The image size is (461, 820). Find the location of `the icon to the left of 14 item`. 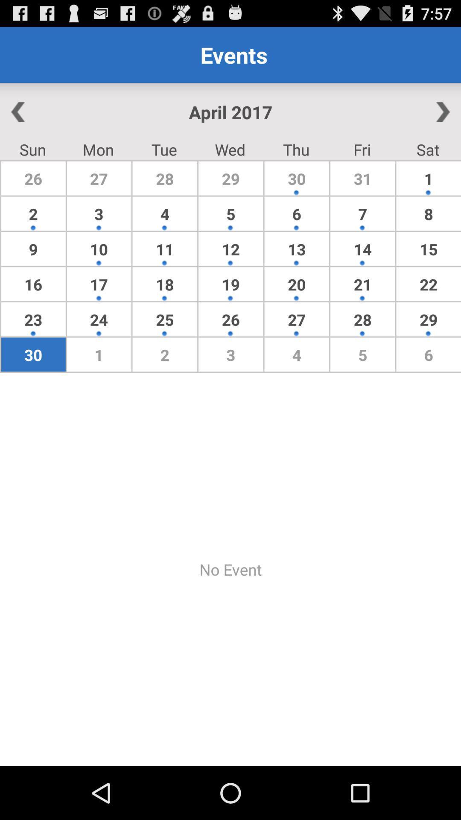

the icon to the left of 14 item is located at coordinates (296, 284).